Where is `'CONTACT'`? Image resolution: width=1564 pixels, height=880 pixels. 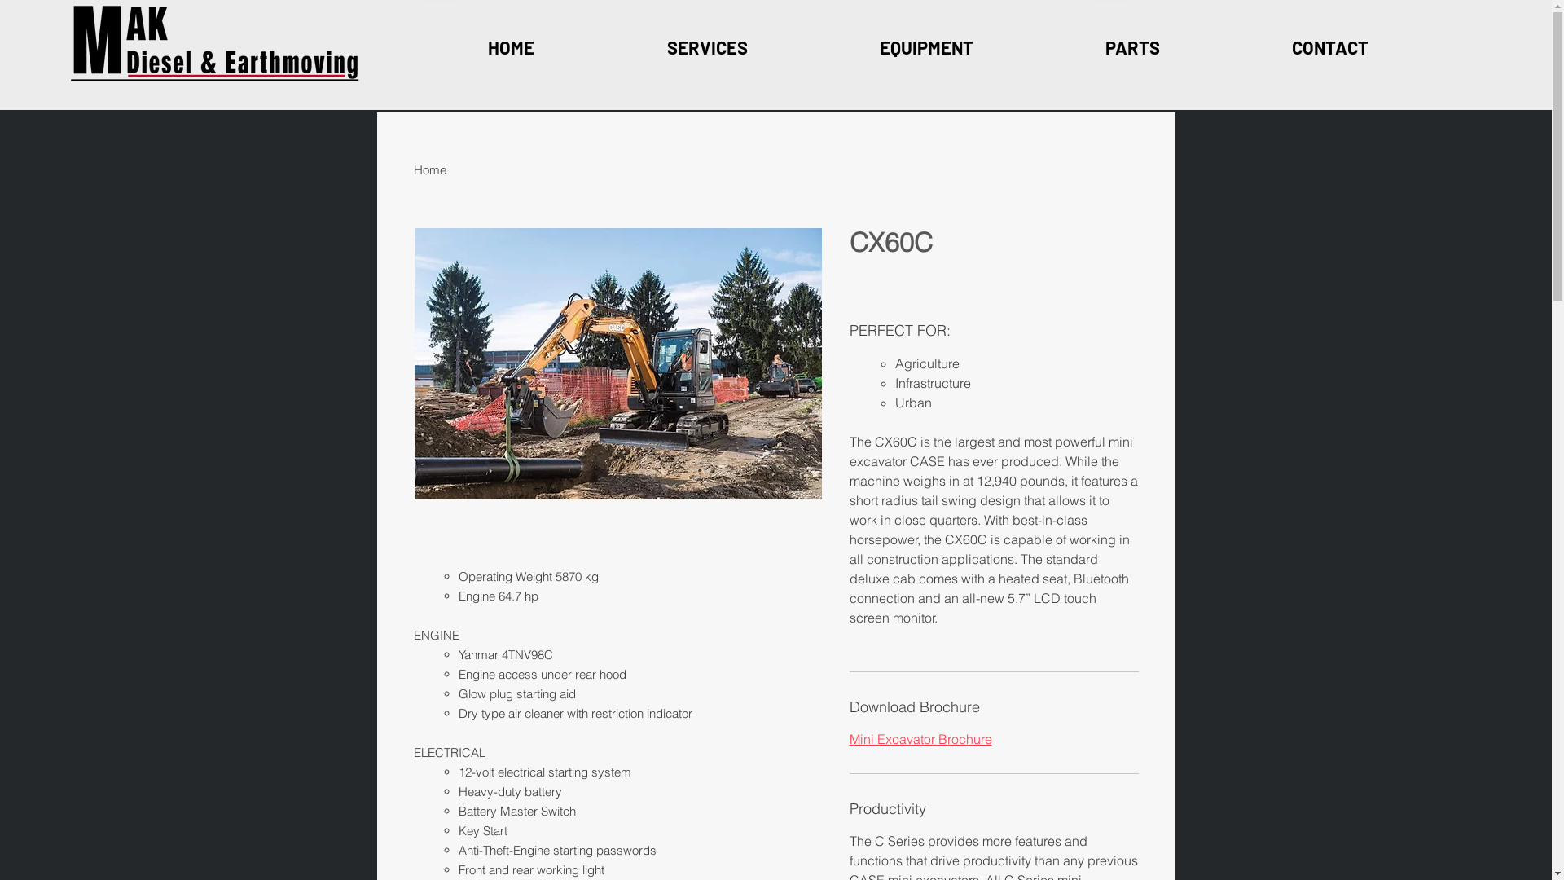 'CONTACT' is located at coordinates (1329, 46).